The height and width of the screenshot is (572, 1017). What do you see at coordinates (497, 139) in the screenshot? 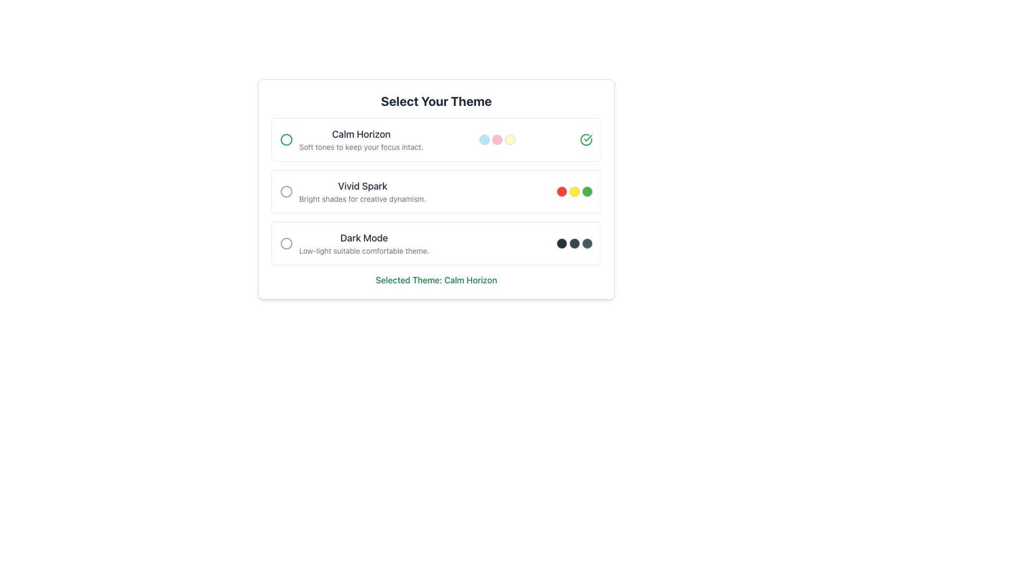
I see `the Indicator group consisting of small circular icons that represents color options for the 'Calm Horizon' theme, located to the right of the theme label` at bounding box center [497, 139].